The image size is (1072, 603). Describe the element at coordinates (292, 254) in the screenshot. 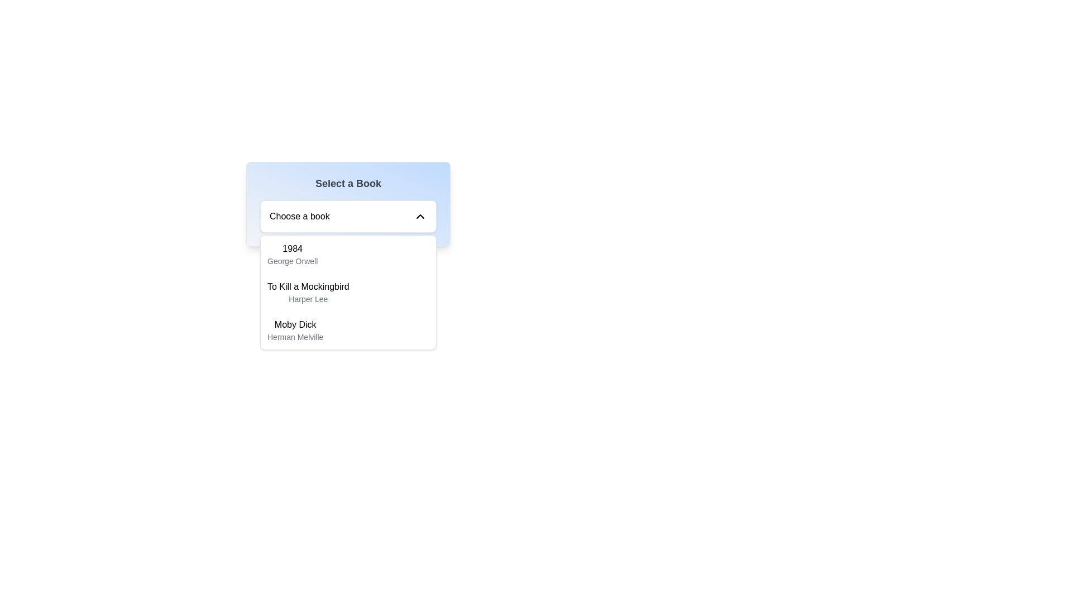

I see `the first selectable option in the dropdown menu labeled 'Choose a book'` at that location.